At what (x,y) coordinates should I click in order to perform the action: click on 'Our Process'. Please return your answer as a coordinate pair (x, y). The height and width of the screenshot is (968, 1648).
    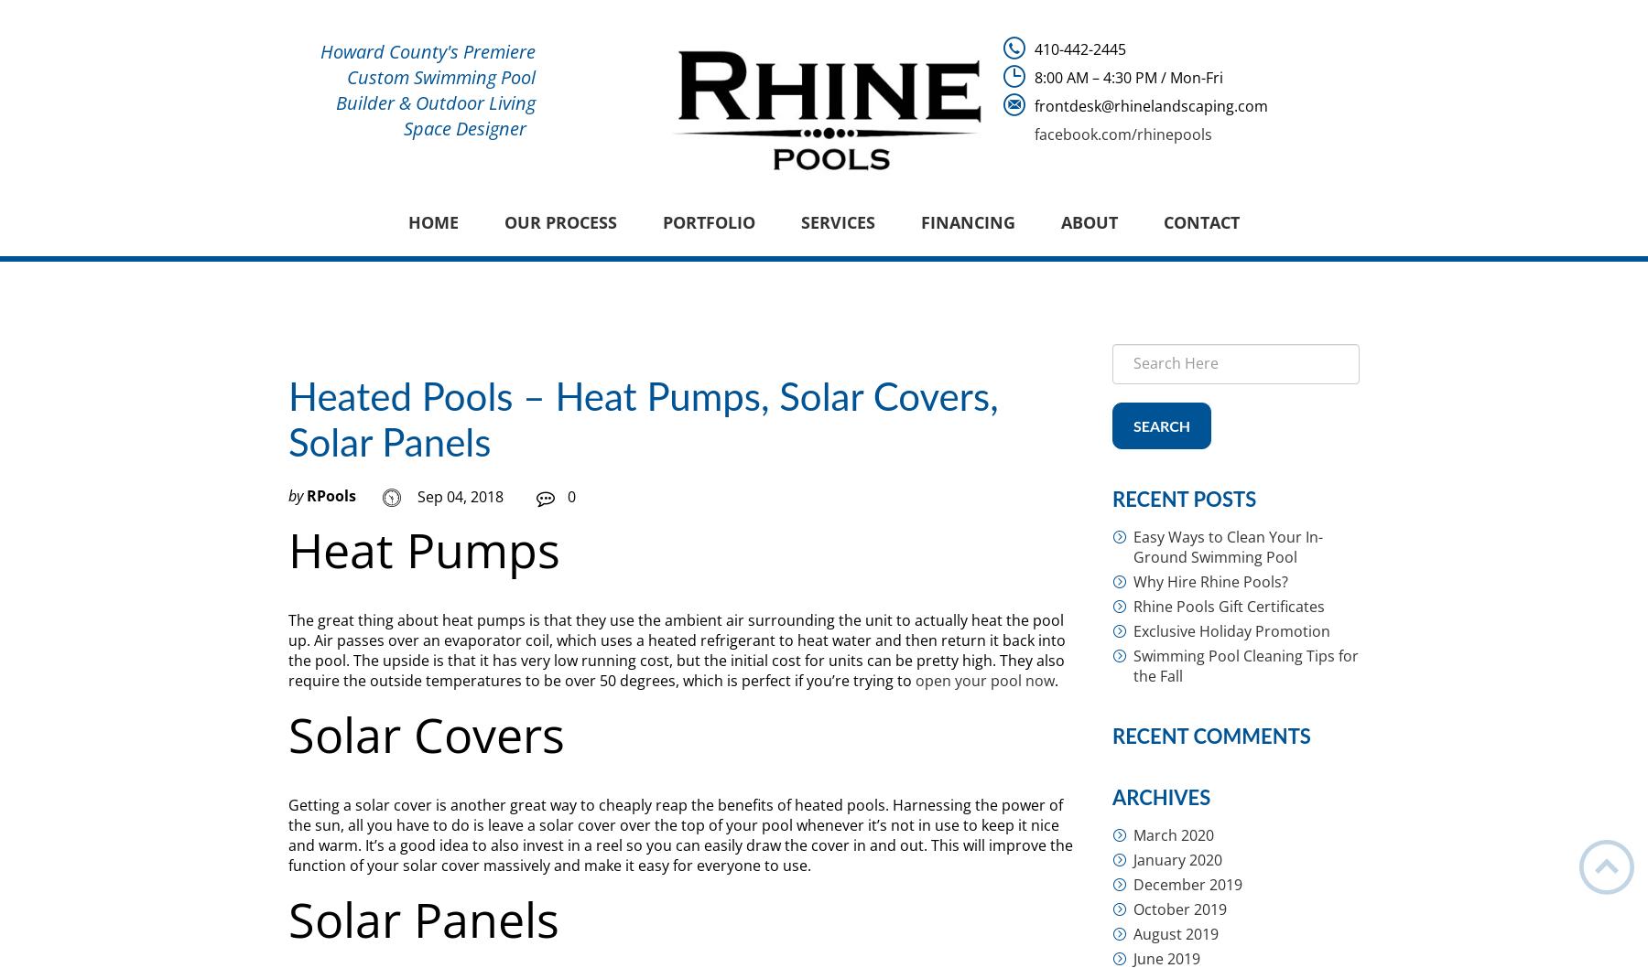
    Looking at the image, I should click on (503, 222).